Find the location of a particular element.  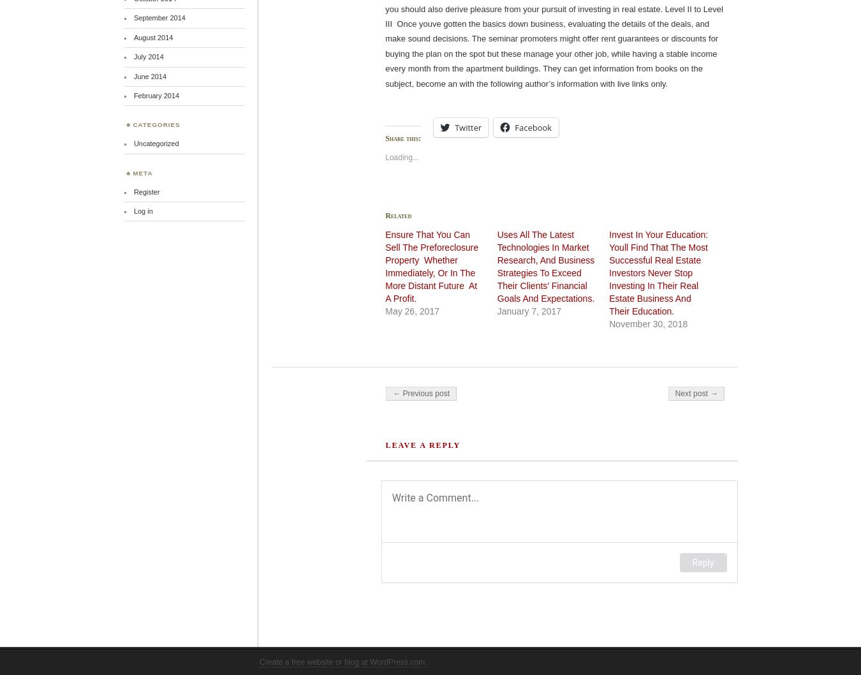

'July 2014' is located at coordinates (147, 56).